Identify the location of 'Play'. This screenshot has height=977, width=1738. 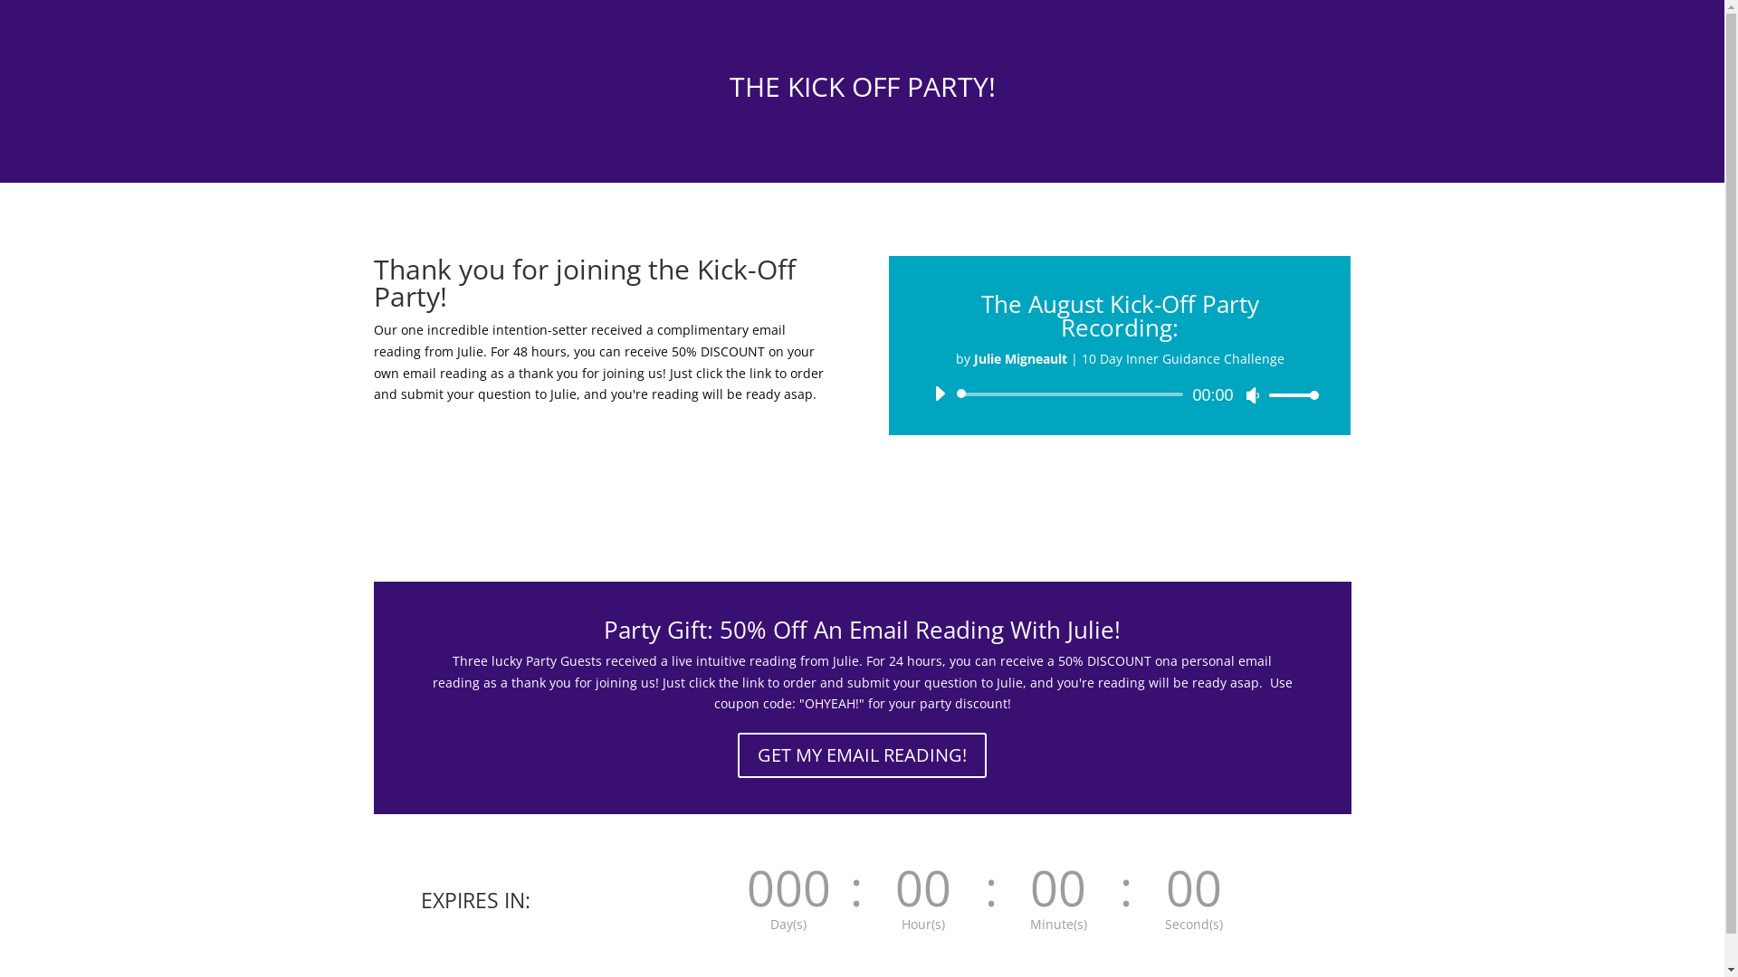
(939, 393).